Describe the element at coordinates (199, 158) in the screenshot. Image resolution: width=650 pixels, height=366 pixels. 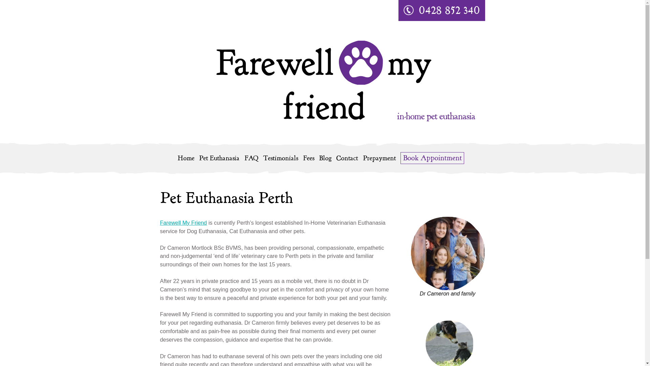
I see `'Pet Euthanasia'` at that location.